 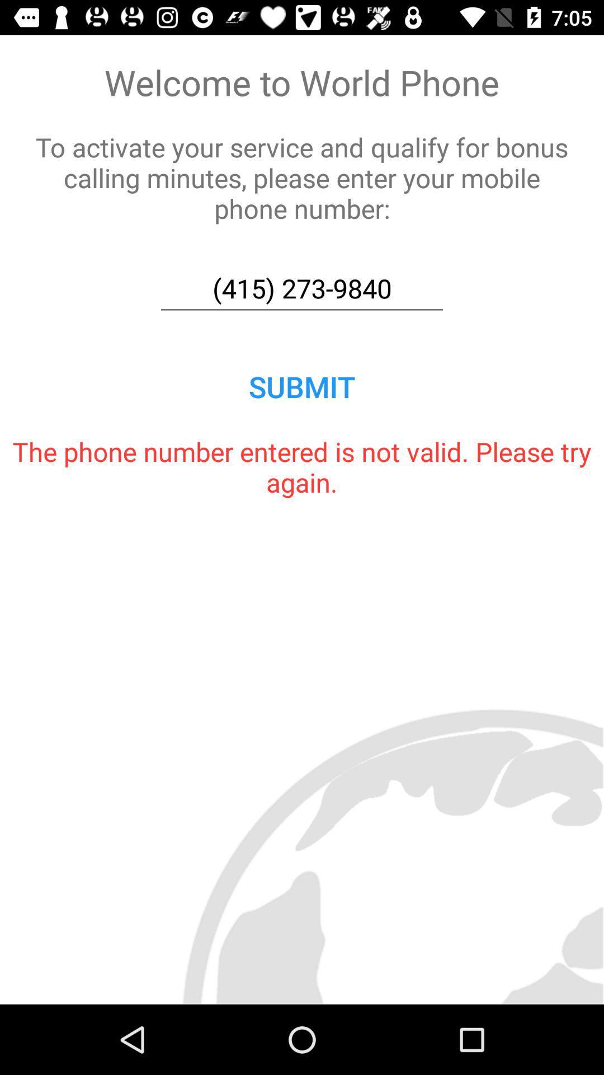 What do you see at coordinates (302, 288) in the screenshot?
I see `icon above the submit item` at bounding box center [302, 288].